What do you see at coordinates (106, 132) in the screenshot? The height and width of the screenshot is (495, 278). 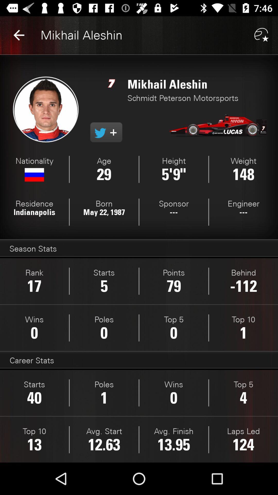 I see `twitter` at bounding box center [106, 132].